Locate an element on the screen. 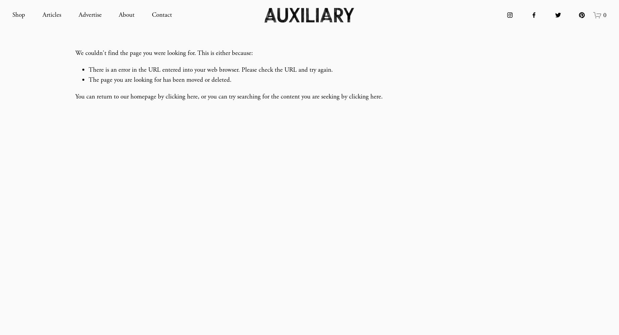 This screenshot has height=335, width=619. 'The page you are looking for has been moved or deleted.' is located at coordinates (160, 79).